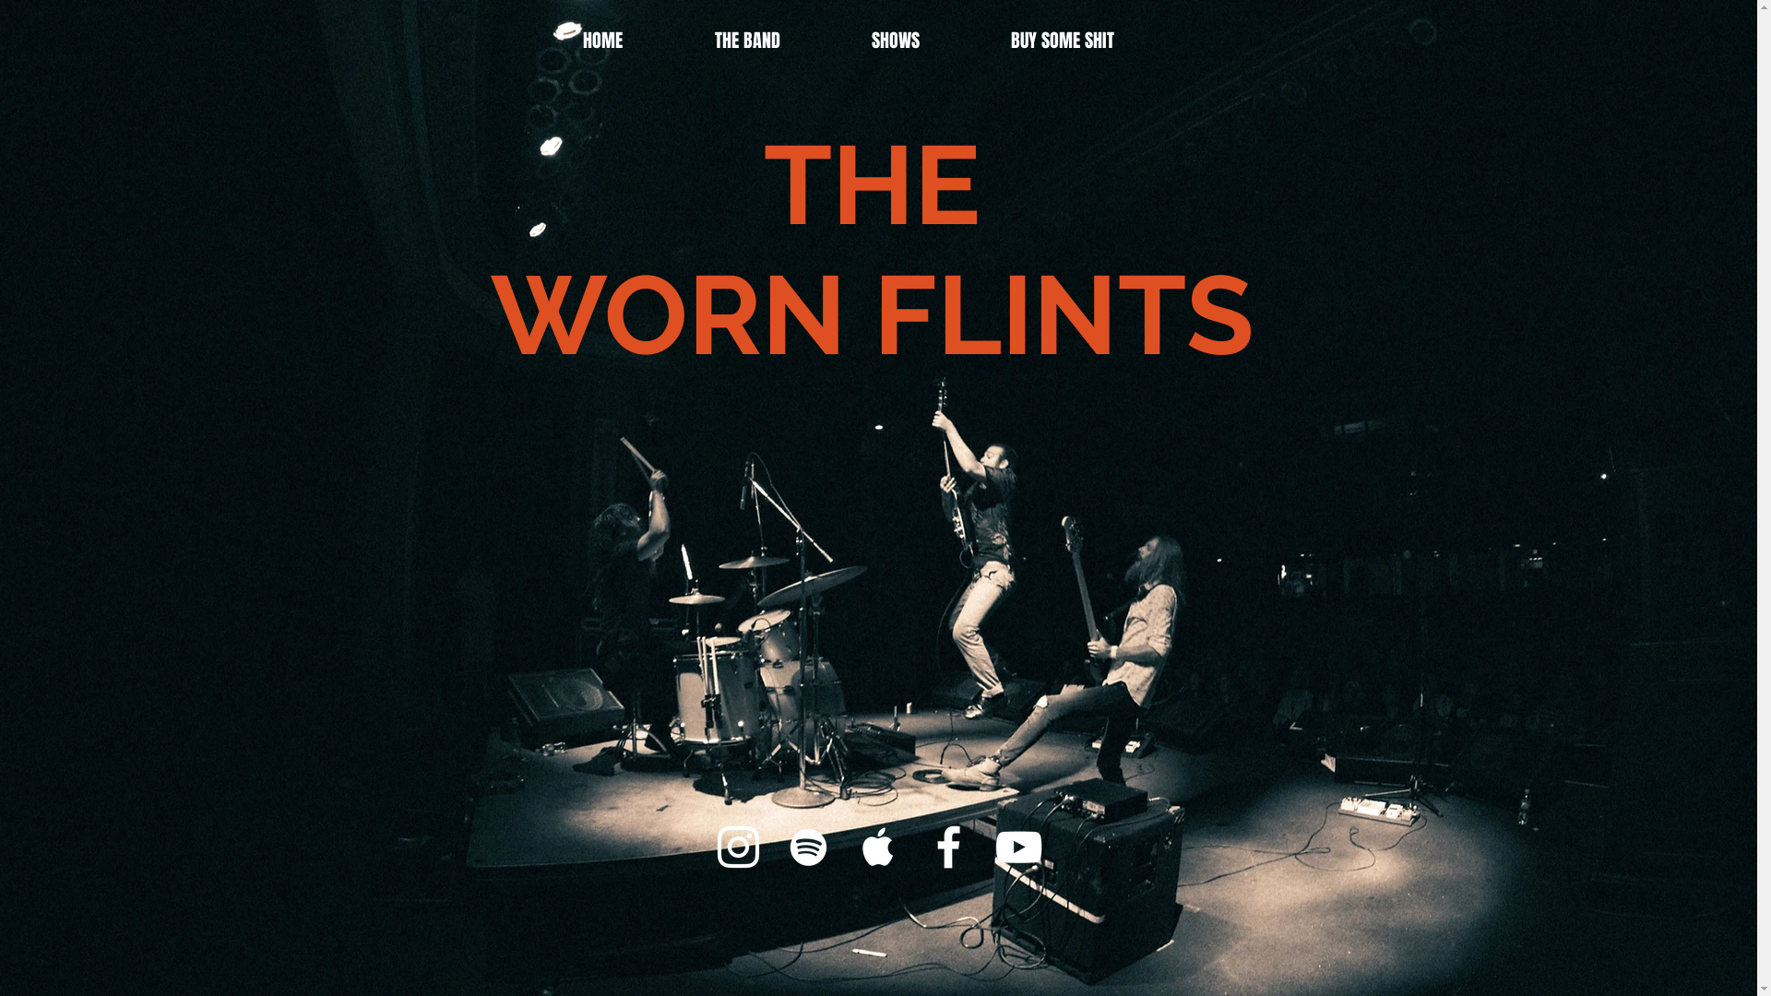  I want to click on 'BUY SOME SHIT', so click(1093, 36).